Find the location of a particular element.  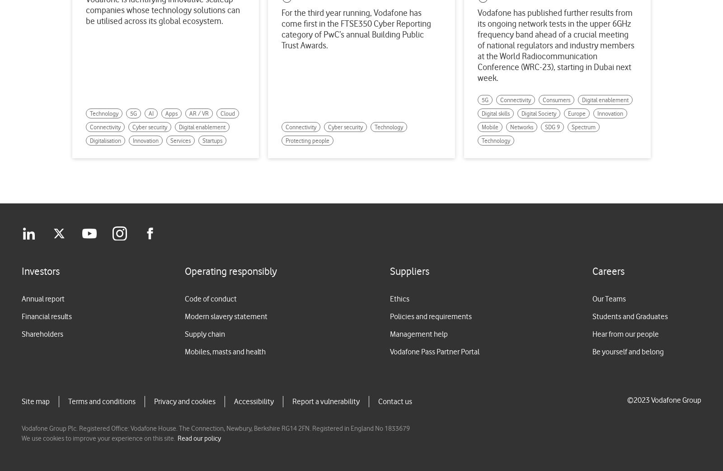

'Vodafone Group Plc. Registered Office: Vodafone House. The Connection, Newbury, Berkshire RG14 2FN. Registered in England No 1833679' is located at coordinates (21, 428).